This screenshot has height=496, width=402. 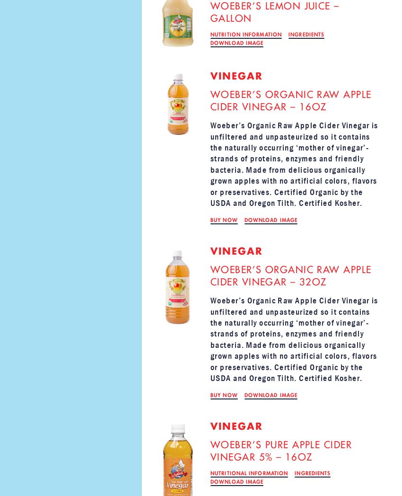 What do you see at coordinates (249, 473) in the screenshot?
I see `'NUTRITIONAL INFORMATION'` at bounding box center [249, 473].